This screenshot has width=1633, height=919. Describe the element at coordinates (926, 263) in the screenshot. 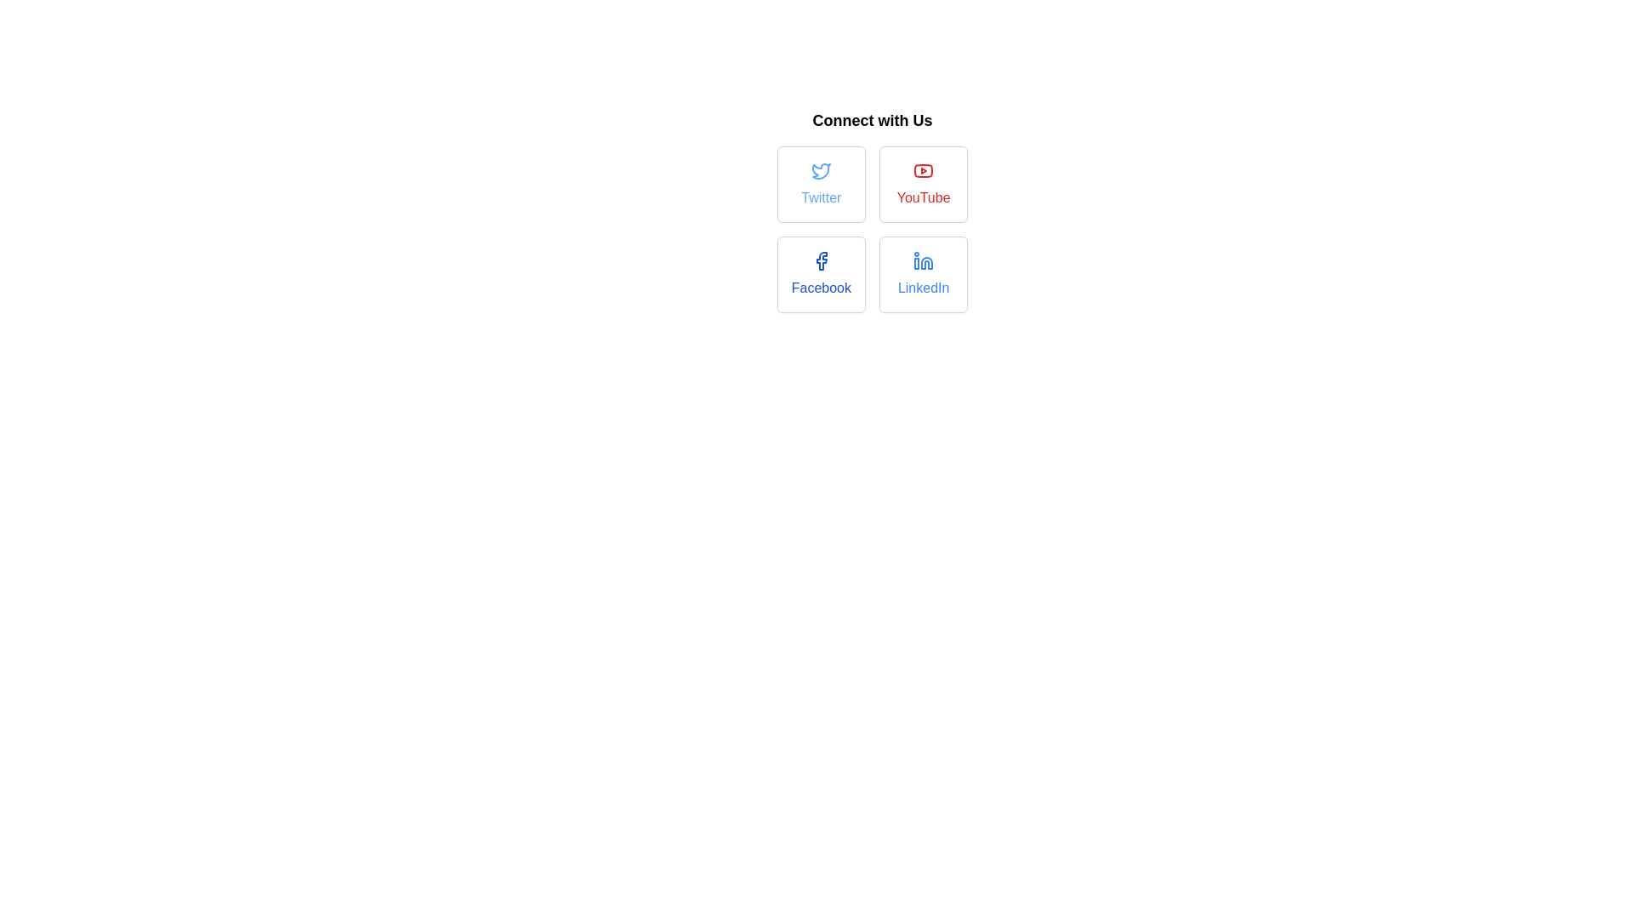

I see `the LinkedIn icon, which features a lowercase 'i' and is located in the second row of a 2x2 grid layout` at that location.